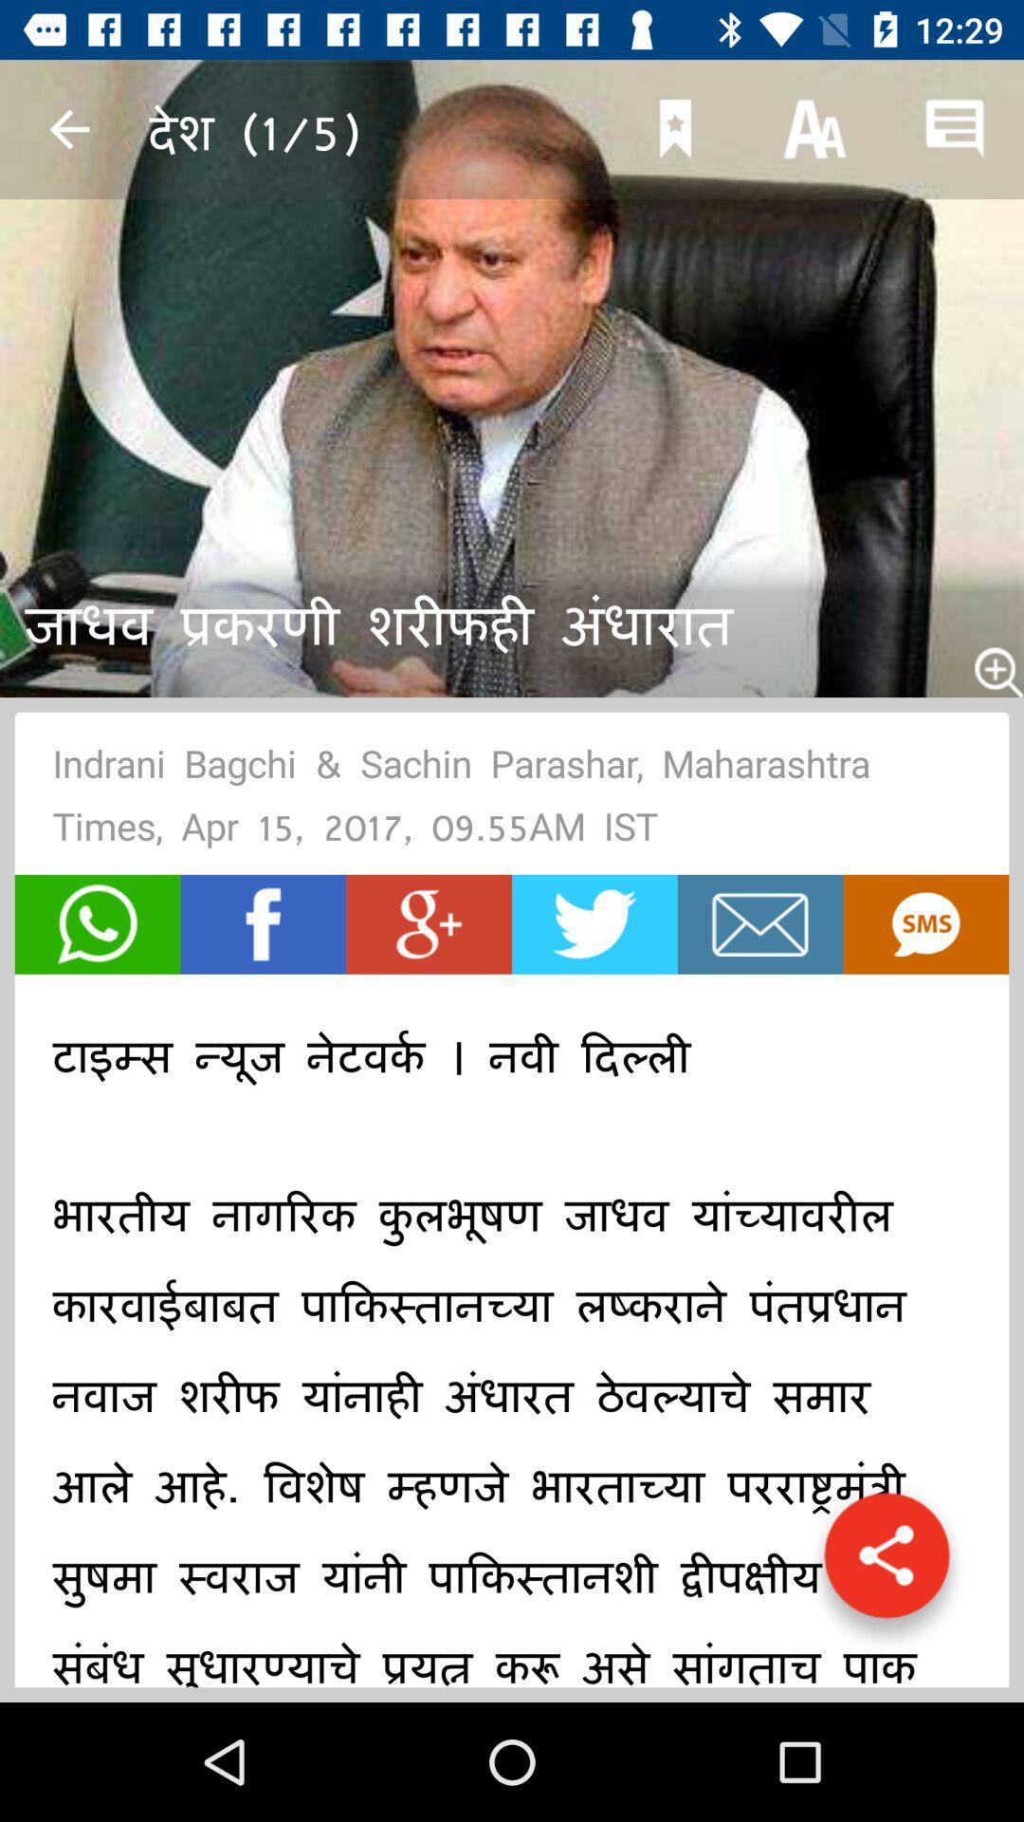  Describe the element at coordinates (924, 924) in the screenshot. I see `the item below indrani bagchi sachin` at that location.